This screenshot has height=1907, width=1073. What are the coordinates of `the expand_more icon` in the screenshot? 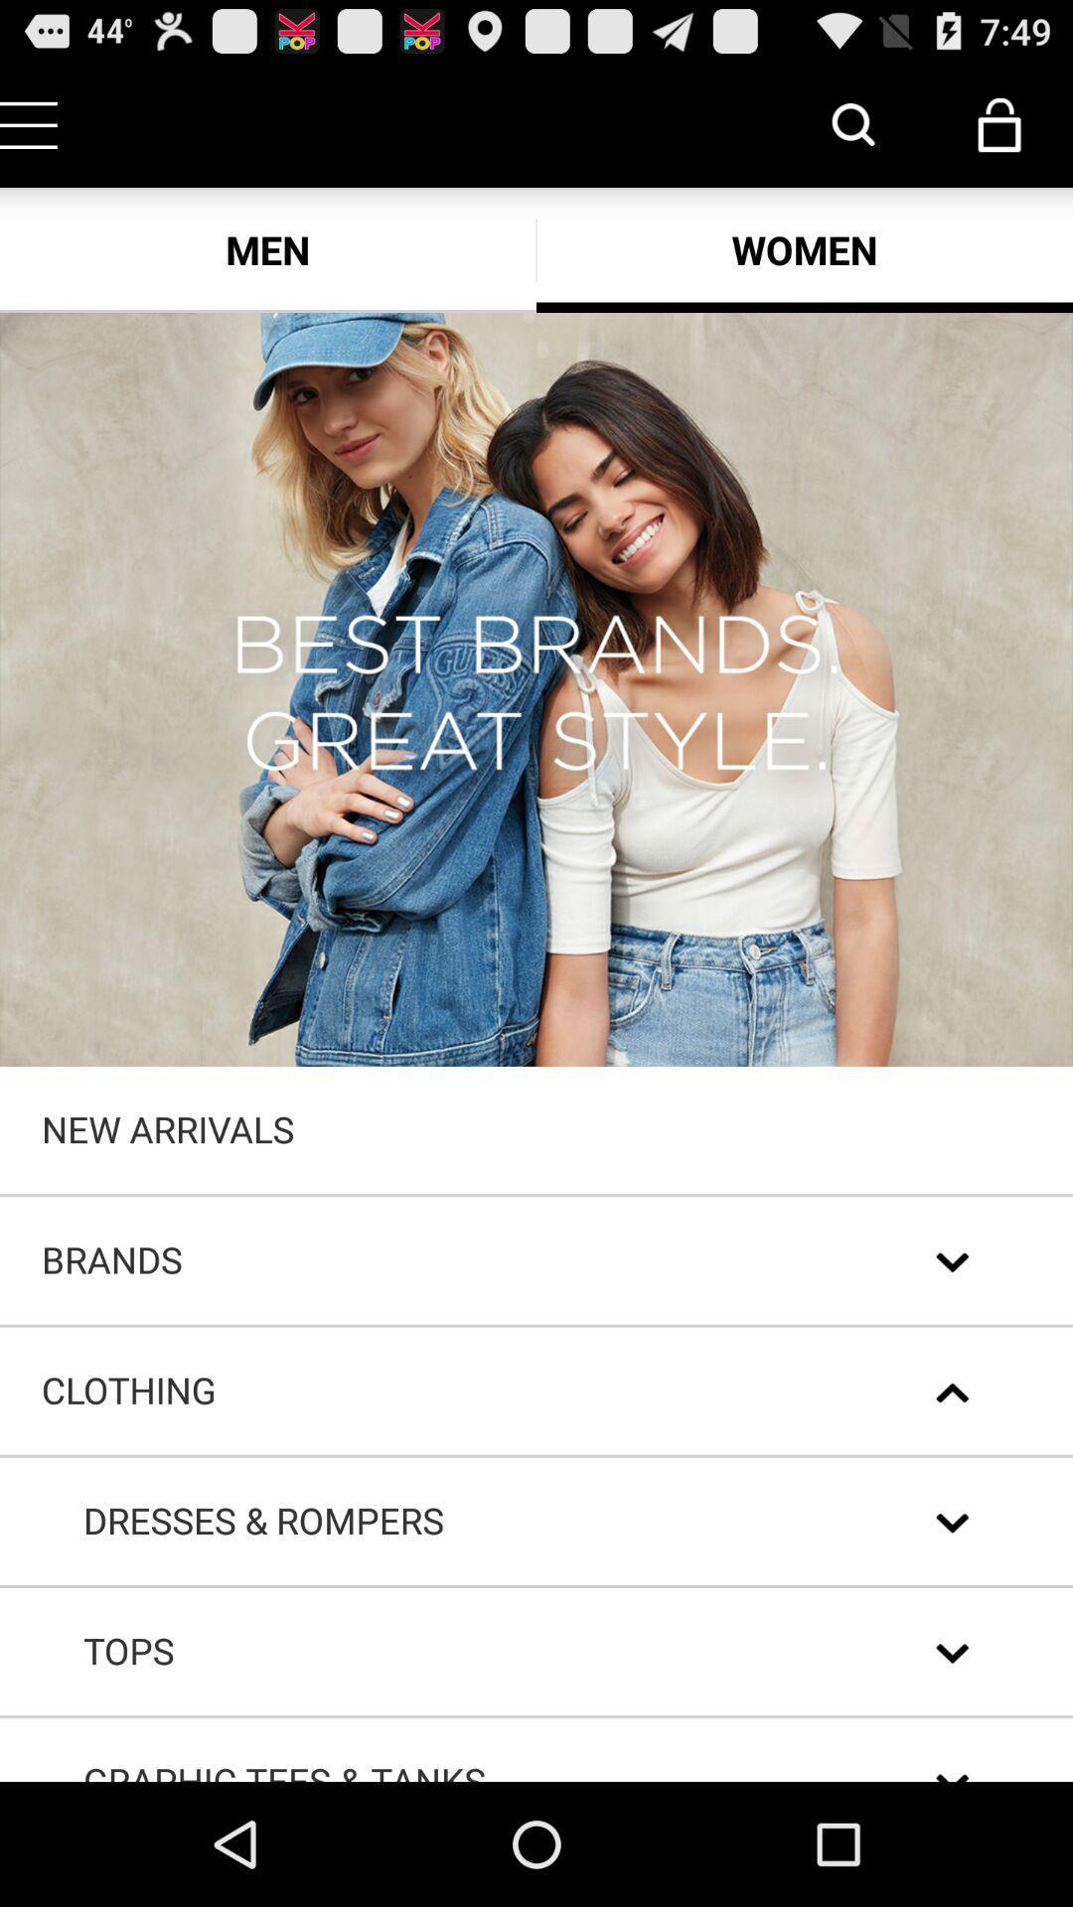 It's located at (952, 1769).